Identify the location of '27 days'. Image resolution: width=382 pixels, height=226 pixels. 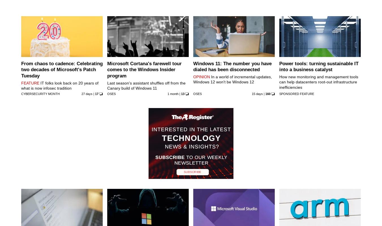
(86, 93).